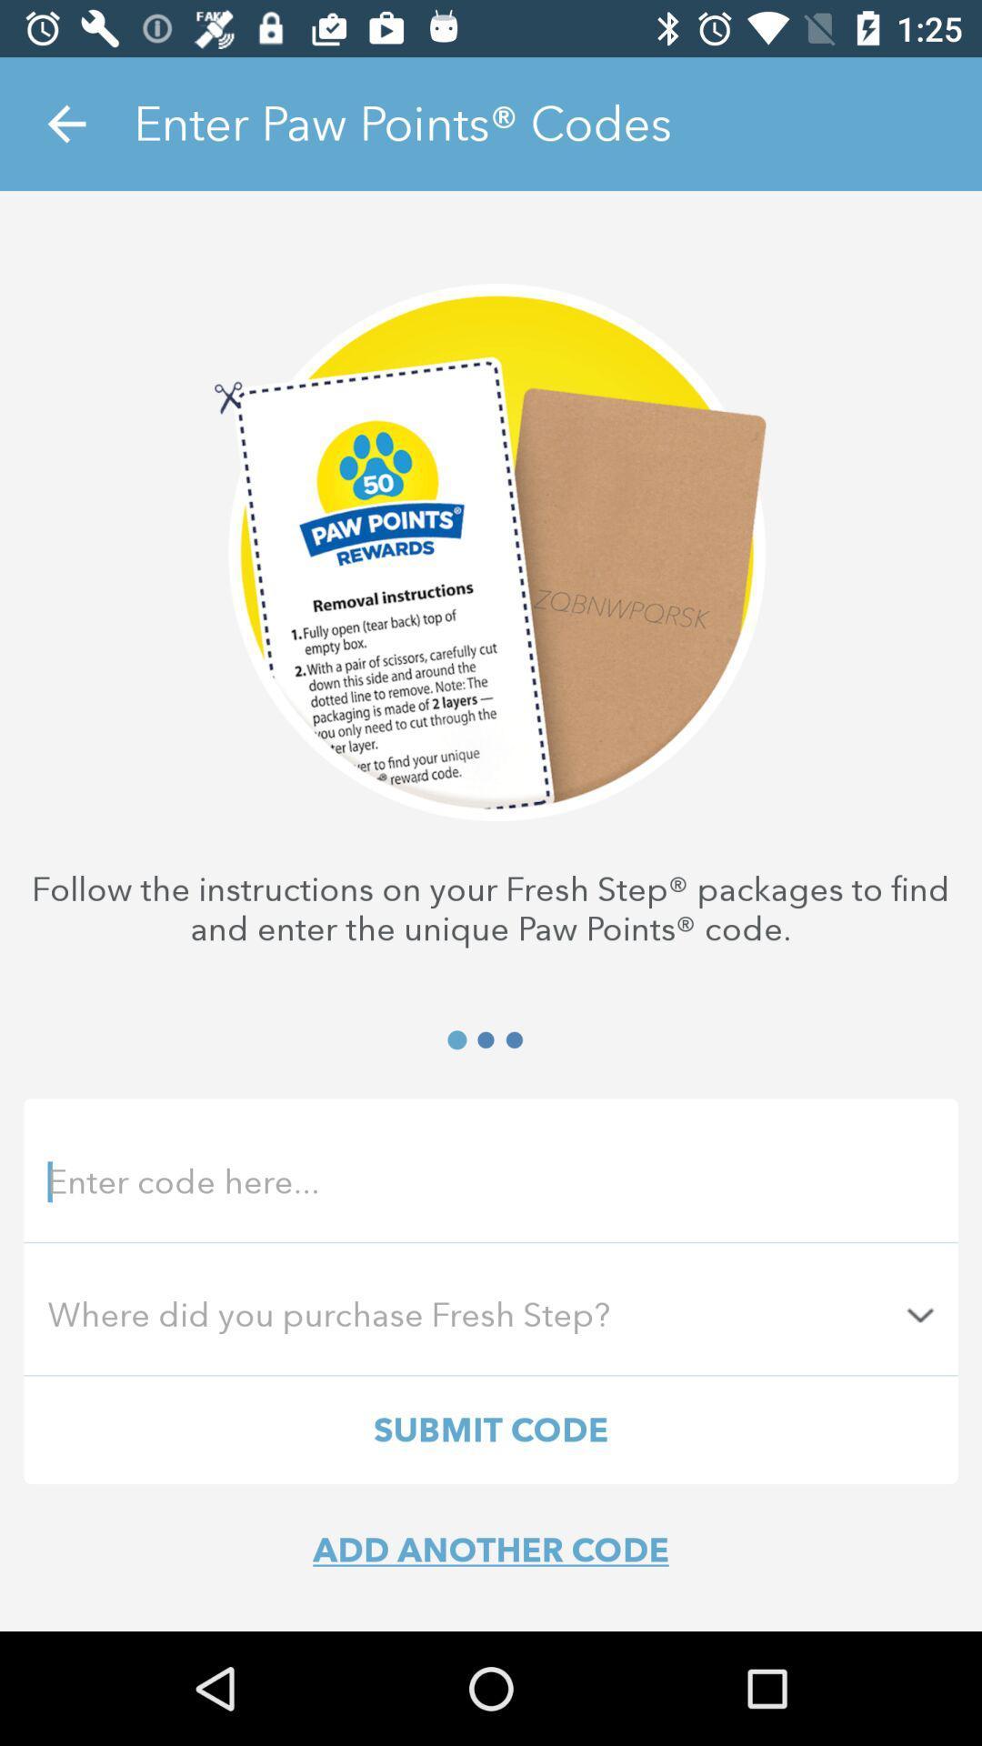  Describe the element at coordinates (65, 123) in the screenshot. I see `item above the follow the instructions` at that location.